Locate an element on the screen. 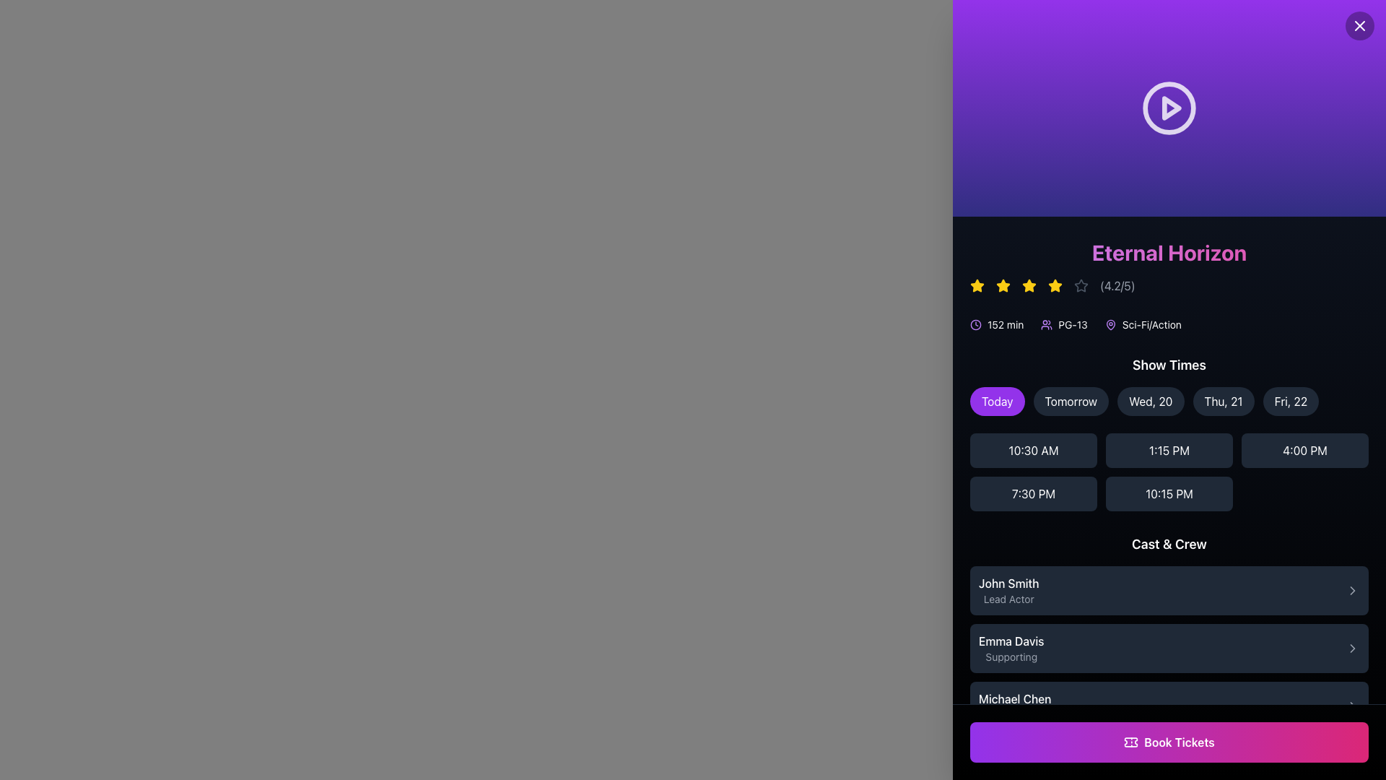 Image resolution: width=1386 pixels, height=780 pixels. the fifth interactive date selection button labeled 'Fri, 22' to change its background color is located at coordinates (1291, 401).